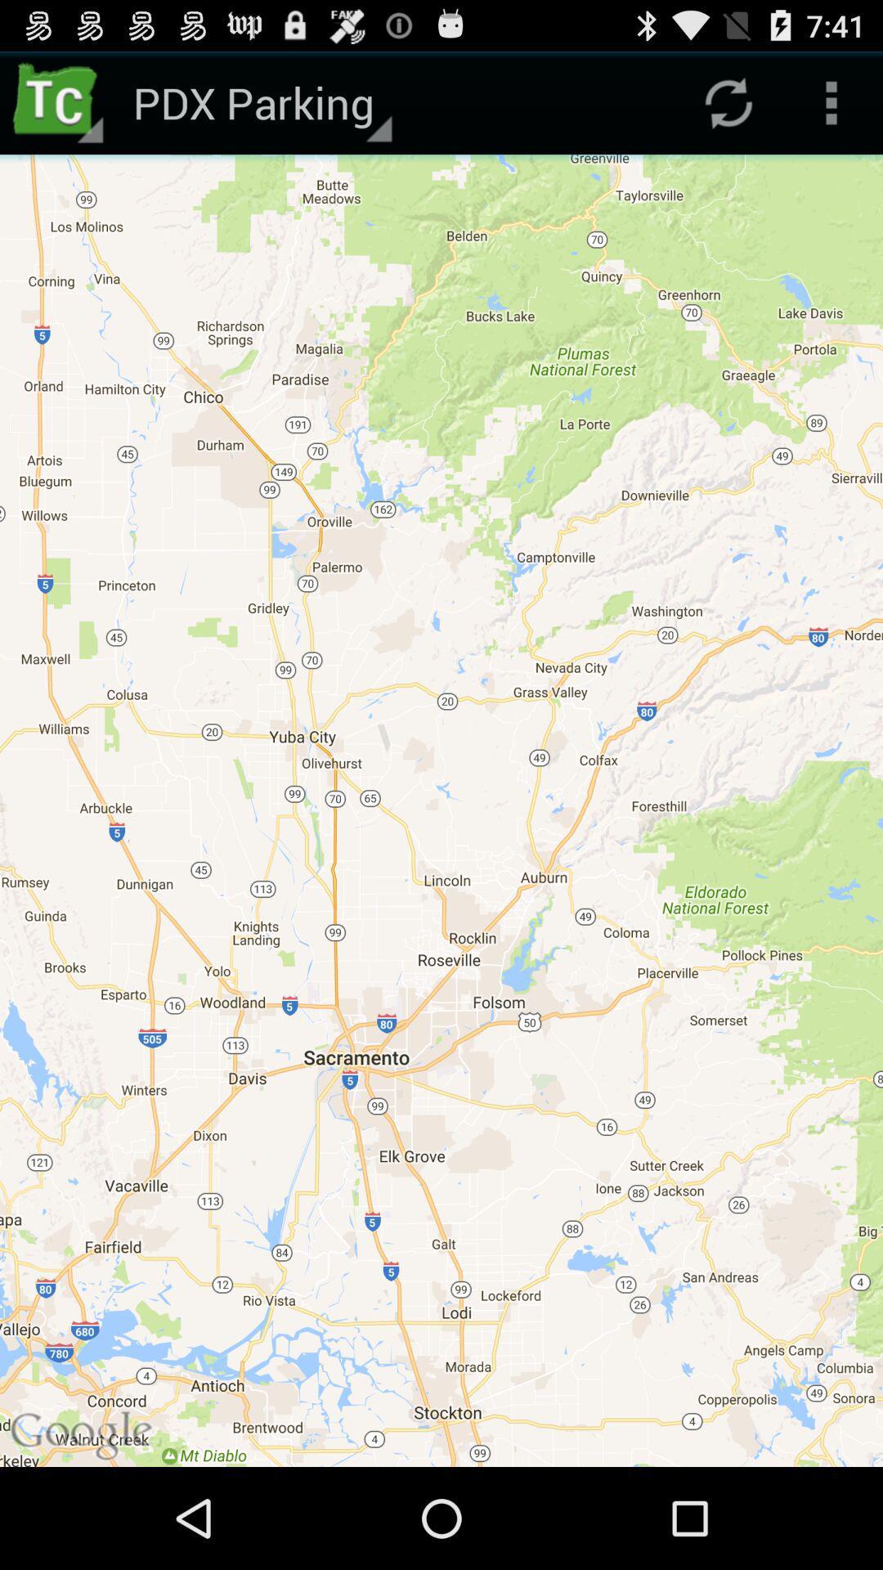  I want to click on the item at the center, so click(441, 810).